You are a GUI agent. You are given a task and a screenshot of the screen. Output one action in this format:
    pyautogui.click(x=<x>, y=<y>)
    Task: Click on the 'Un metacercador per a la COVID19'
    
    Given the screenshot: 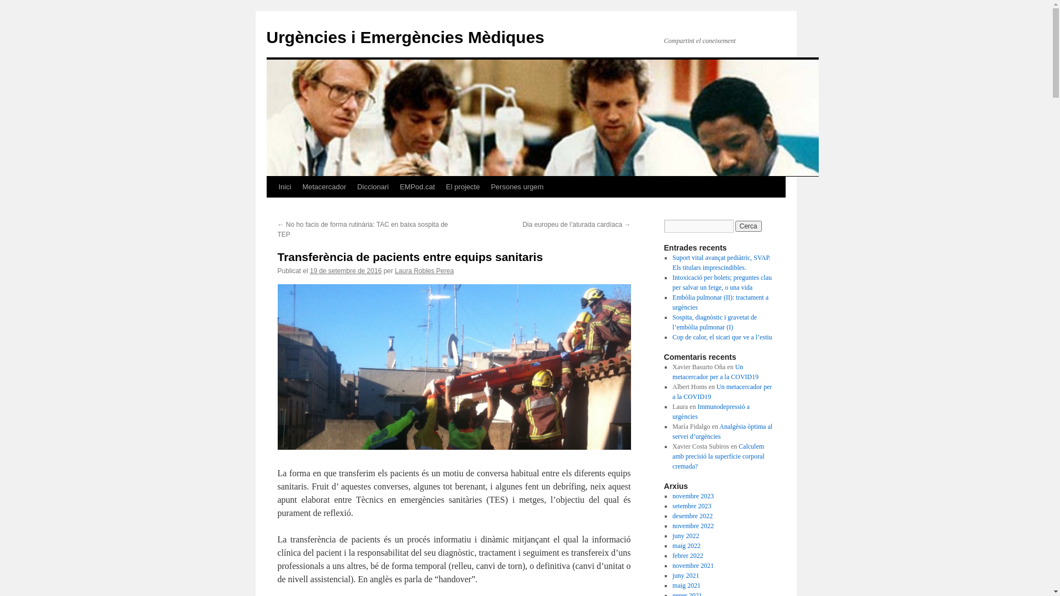 What is the action you would take?
    pyautogui.click(x=722, y=391)
    